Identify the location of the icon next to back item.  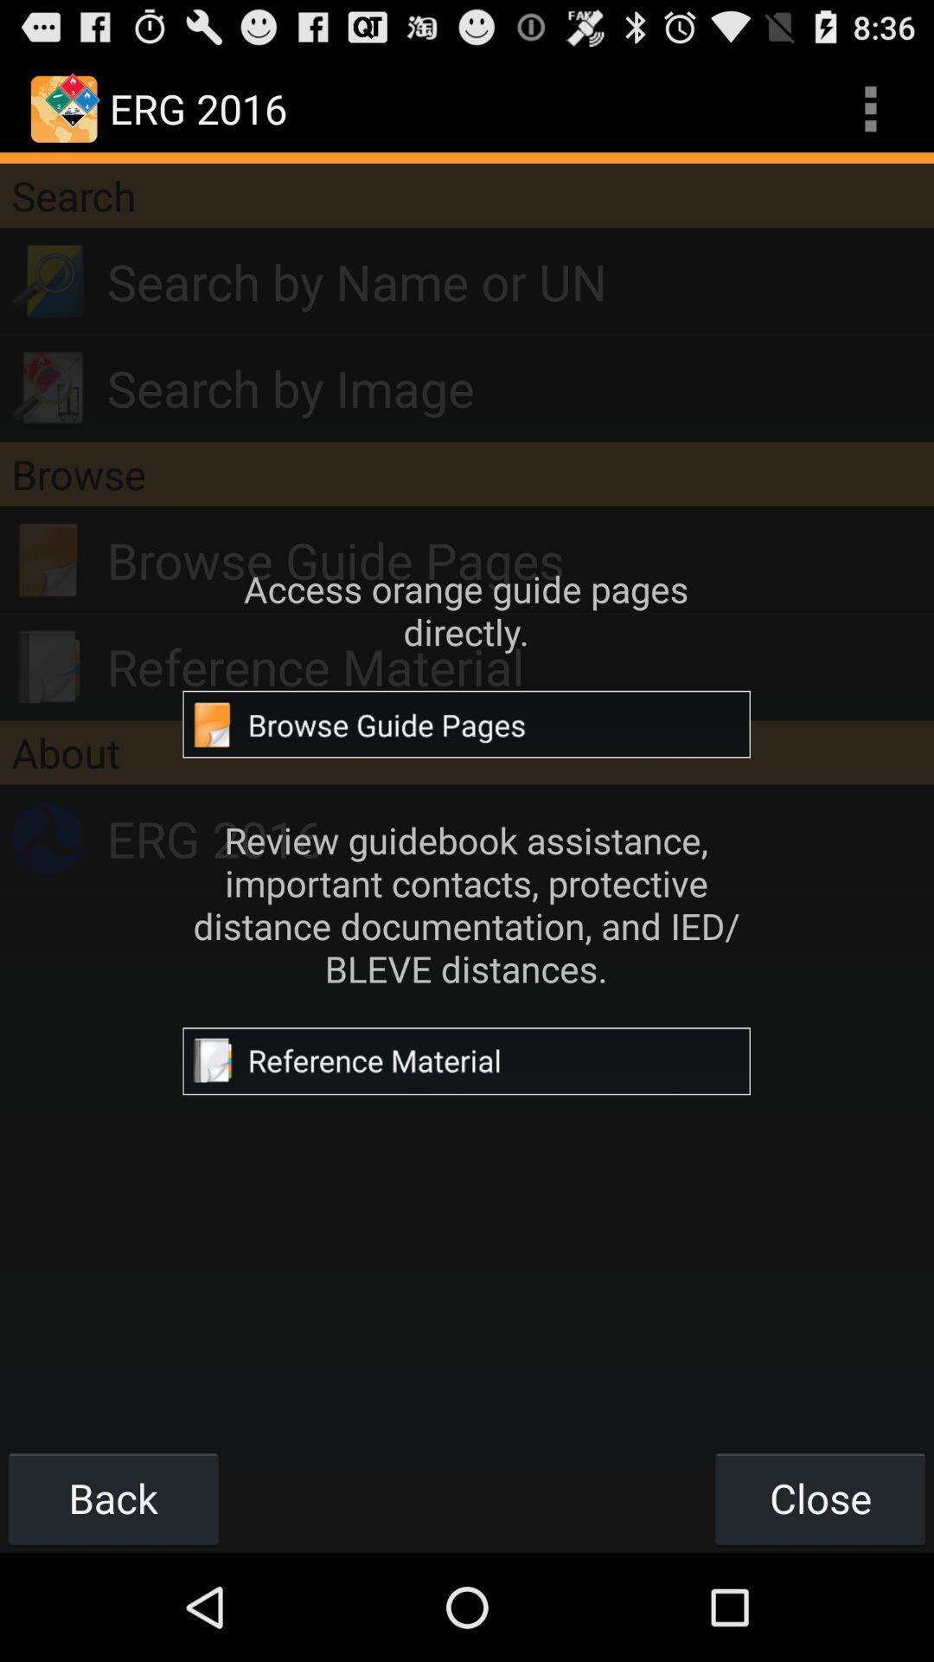
(819, 1498).